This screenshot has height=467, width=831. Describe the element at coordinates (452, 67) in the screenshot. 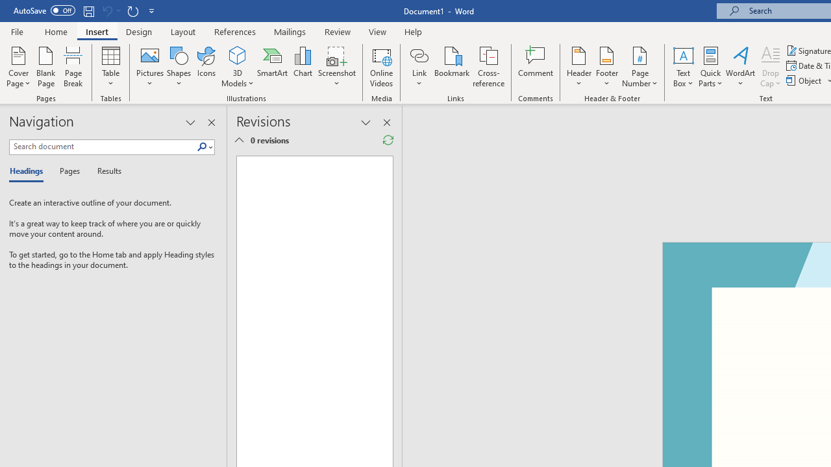

I see `'Bookmark...'` at that location.